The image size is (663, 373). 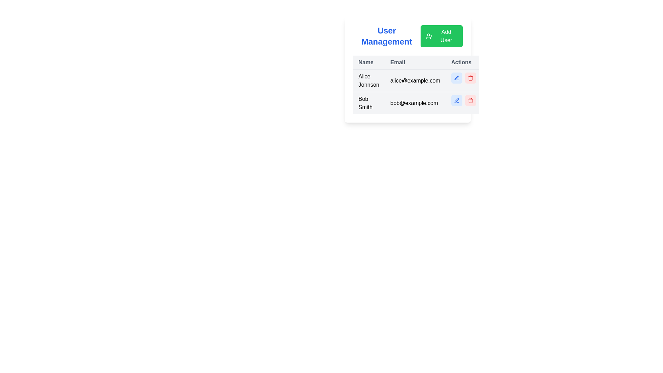 What do you see at coordinates (387, 36) in the screenshot?
I see `the header text element that provides contextual information about User Management functionality, located to the left of the 'Add User' button` at bounding box center [387, 36].